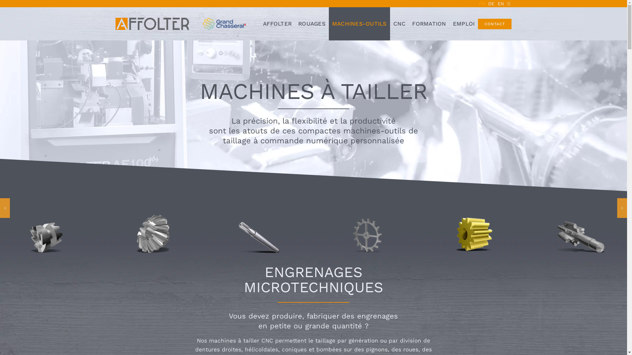  I want to click on 'engrenages', so click(378, 316).